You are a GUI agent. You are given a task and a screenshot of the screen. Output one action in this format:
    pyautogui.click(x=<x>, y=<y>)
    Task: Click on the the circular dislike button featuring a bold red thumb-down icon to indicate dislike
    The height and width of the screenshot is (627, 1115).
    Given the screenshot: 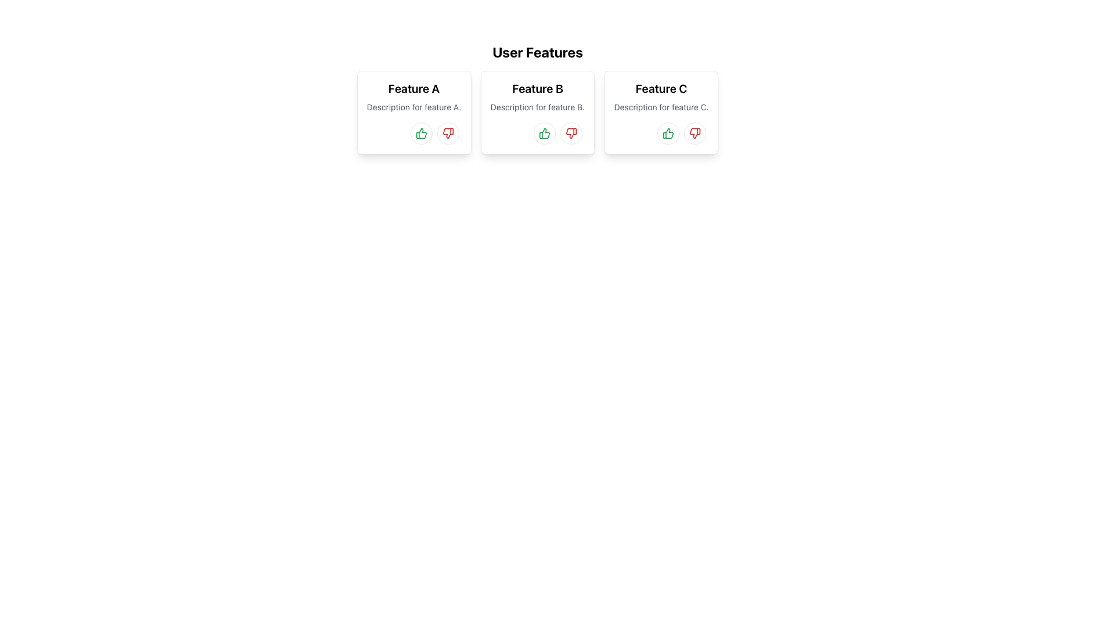 What is the action you would take?
    pyautogui.click(x=695, y=133)
    